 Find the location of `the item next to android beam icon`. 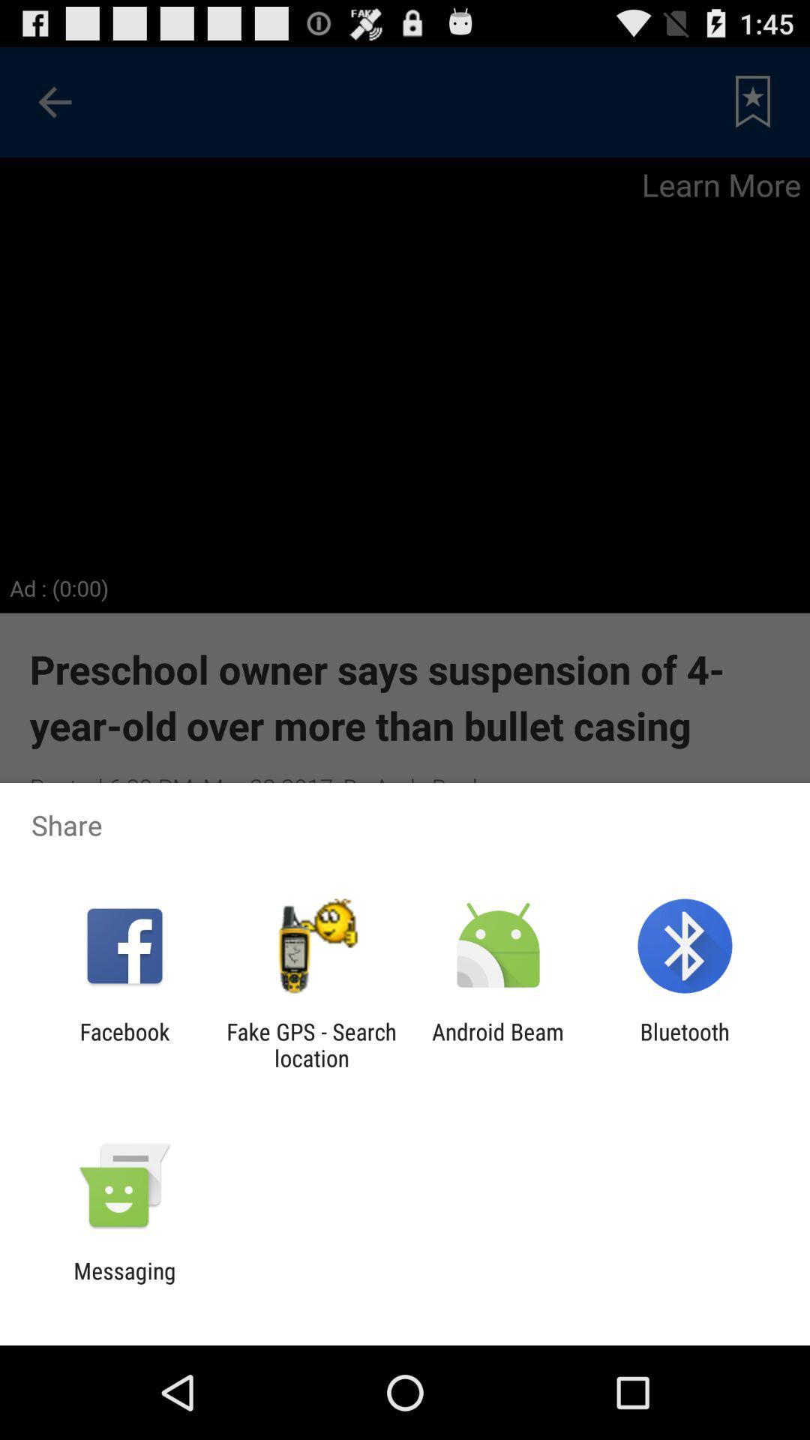

the item next to android beam icon is located at coordinates (310, 1044).